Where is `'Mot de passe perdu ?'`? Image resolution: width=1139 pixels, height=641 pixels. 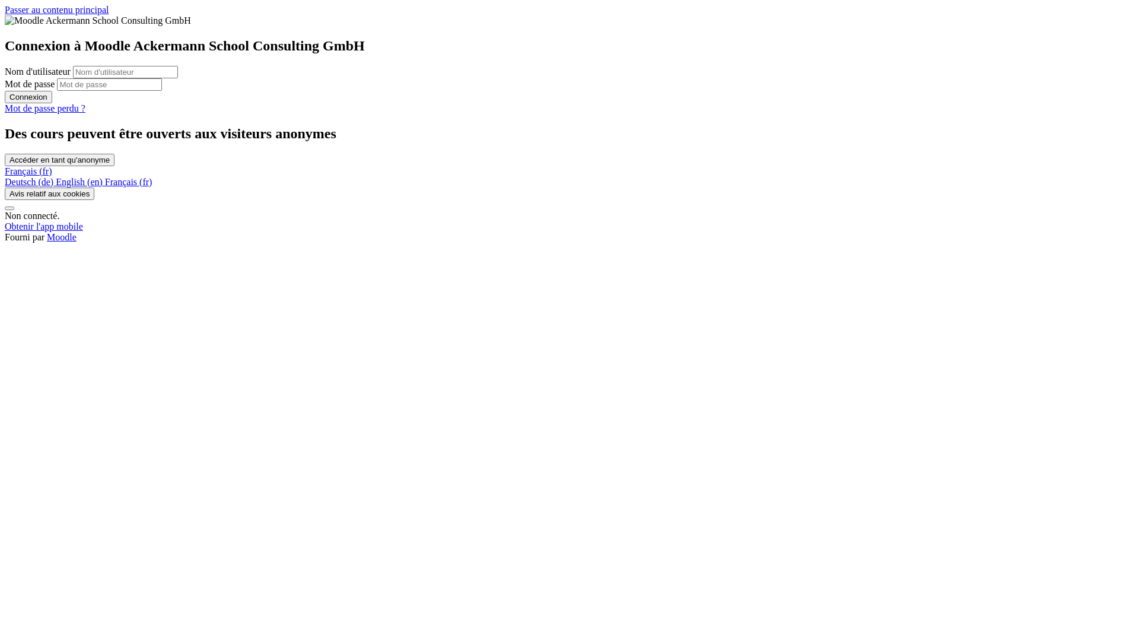 'Mot de passe perdu ?' is located at coordinates (5, 108).